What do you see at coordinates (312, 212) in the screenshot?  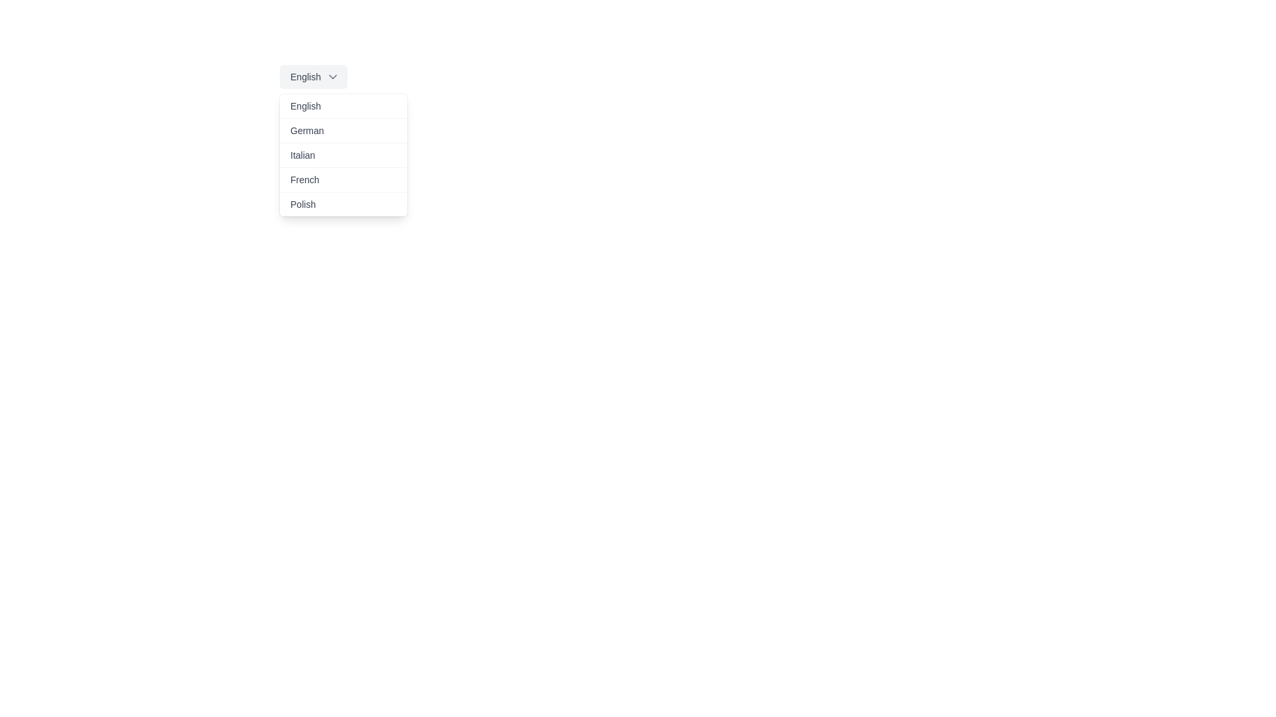 I see `the 'Polish' language option in the dropdown list` at bounding box center [312, 212].